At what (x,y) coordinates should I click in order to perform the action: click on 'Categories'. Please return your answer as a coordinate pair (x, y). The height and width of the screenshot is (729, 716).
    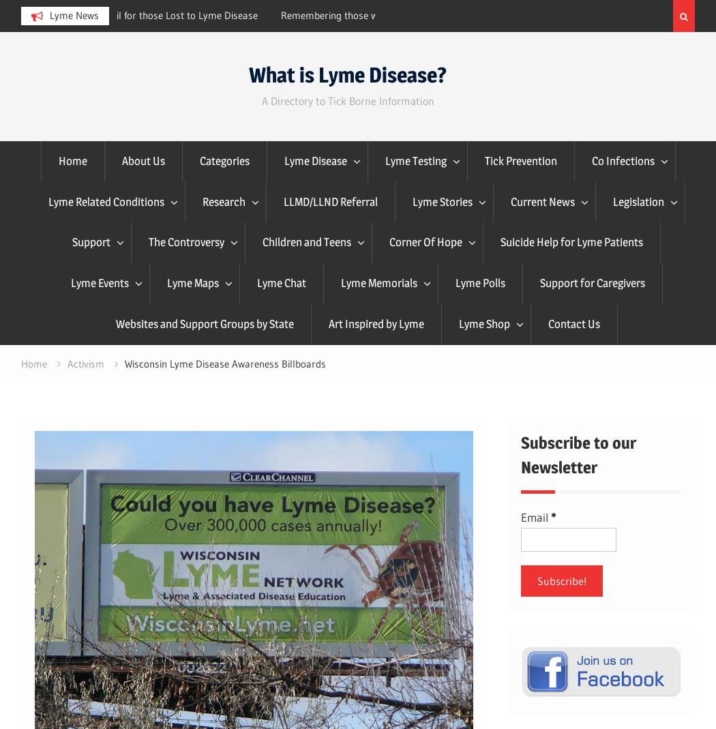
    Looking at the image, I should click on (224, 159).